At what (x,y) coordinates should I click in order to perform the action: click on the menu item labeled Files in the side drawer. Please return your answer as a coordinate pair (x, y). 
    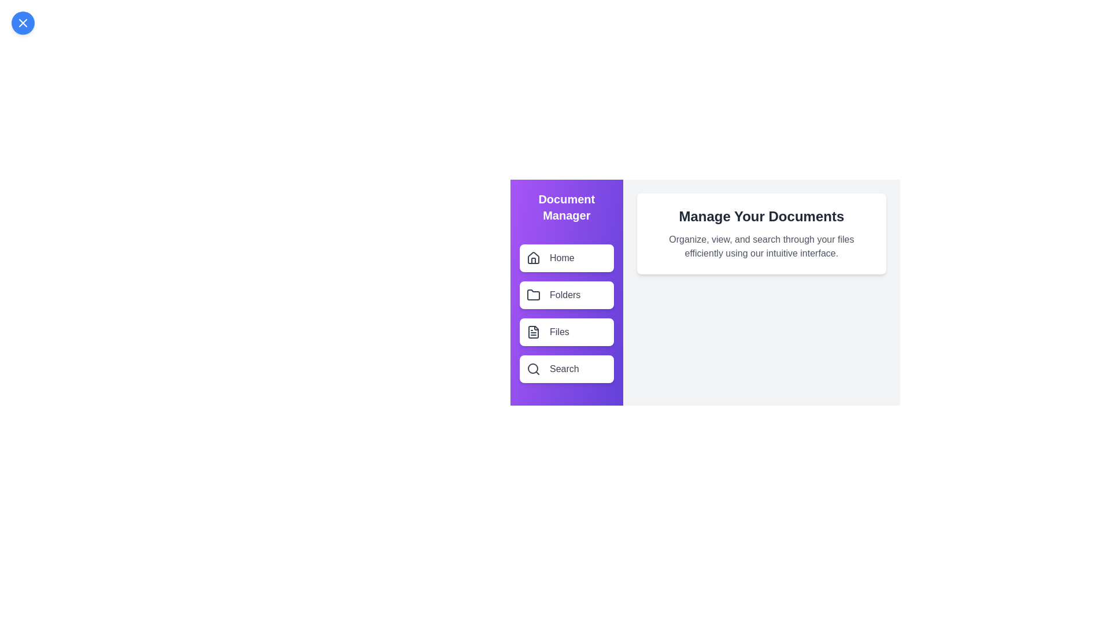
    Looking at the image, I should click on (566, 332).